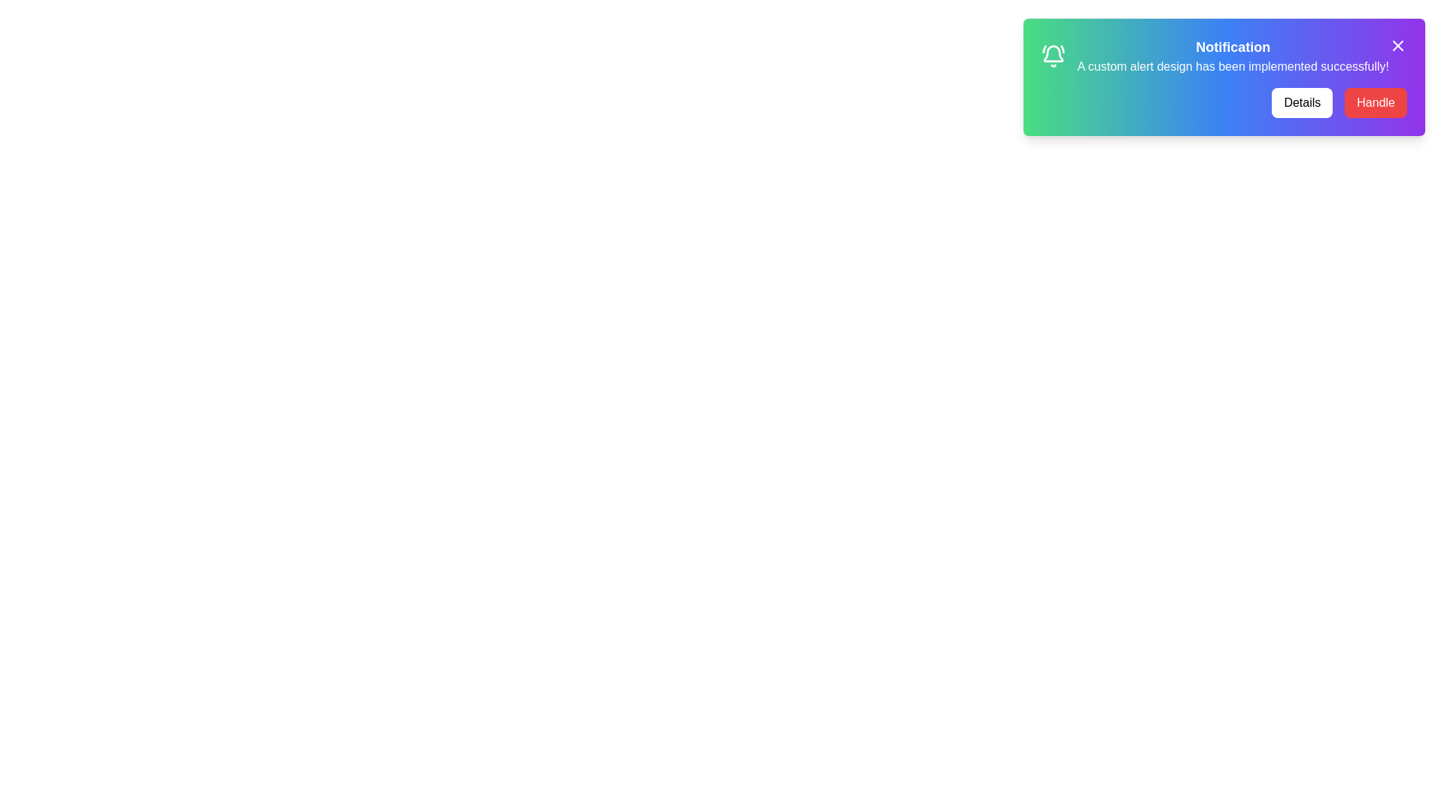 The width and height of the screenshot is (1444, 812). Describe the element at coordinates (1052, 55) in the screenshot. I see `the bell icon to observe the notification` at that location.